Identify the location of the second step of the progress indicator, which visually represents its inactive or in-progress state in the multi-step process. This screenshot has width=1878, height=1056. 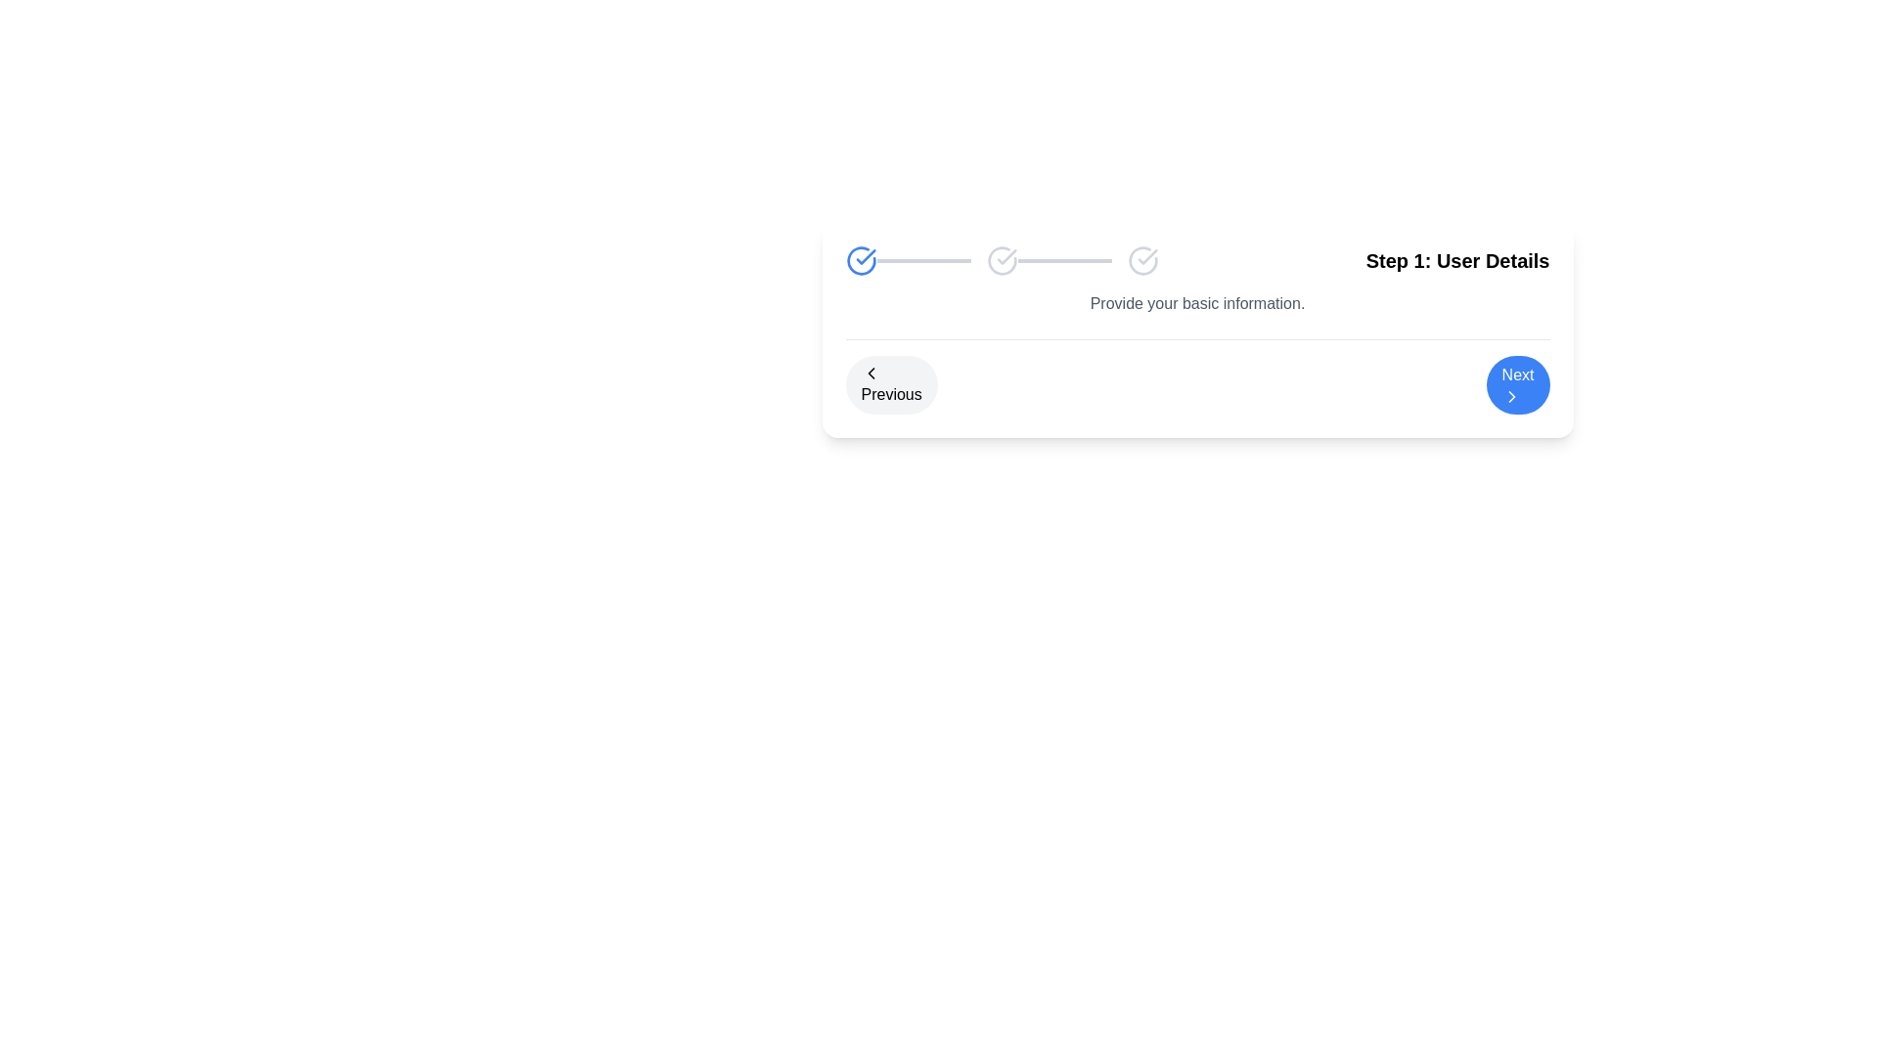
(1002, 259).